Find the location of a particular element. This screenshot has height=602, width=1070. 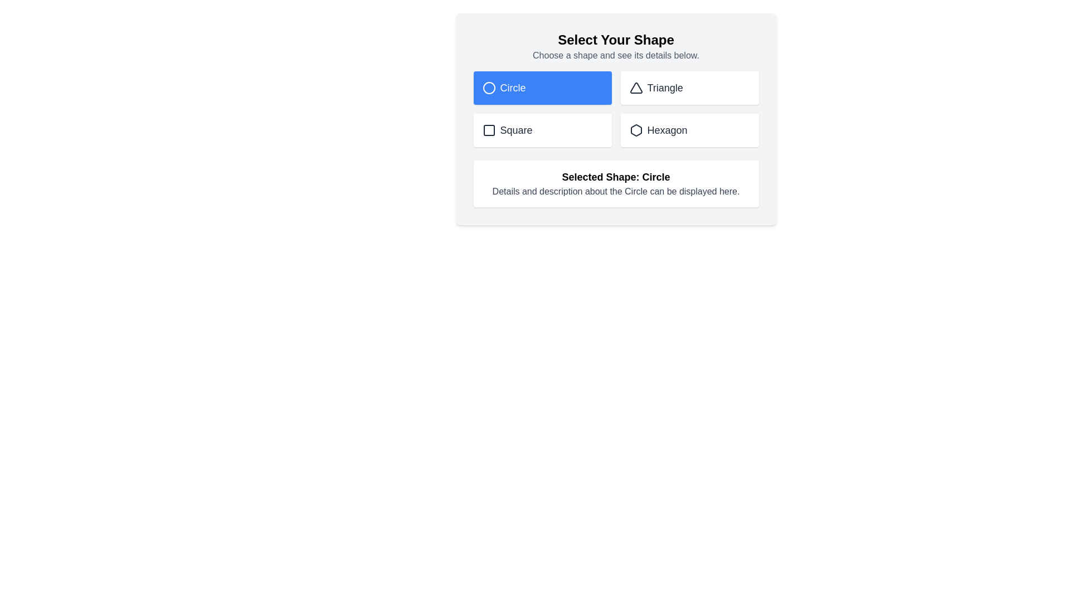

the 'Hexagon' graphical icon in the bottom-right quadrant of the selection interface is located at coordinates (636, 130).